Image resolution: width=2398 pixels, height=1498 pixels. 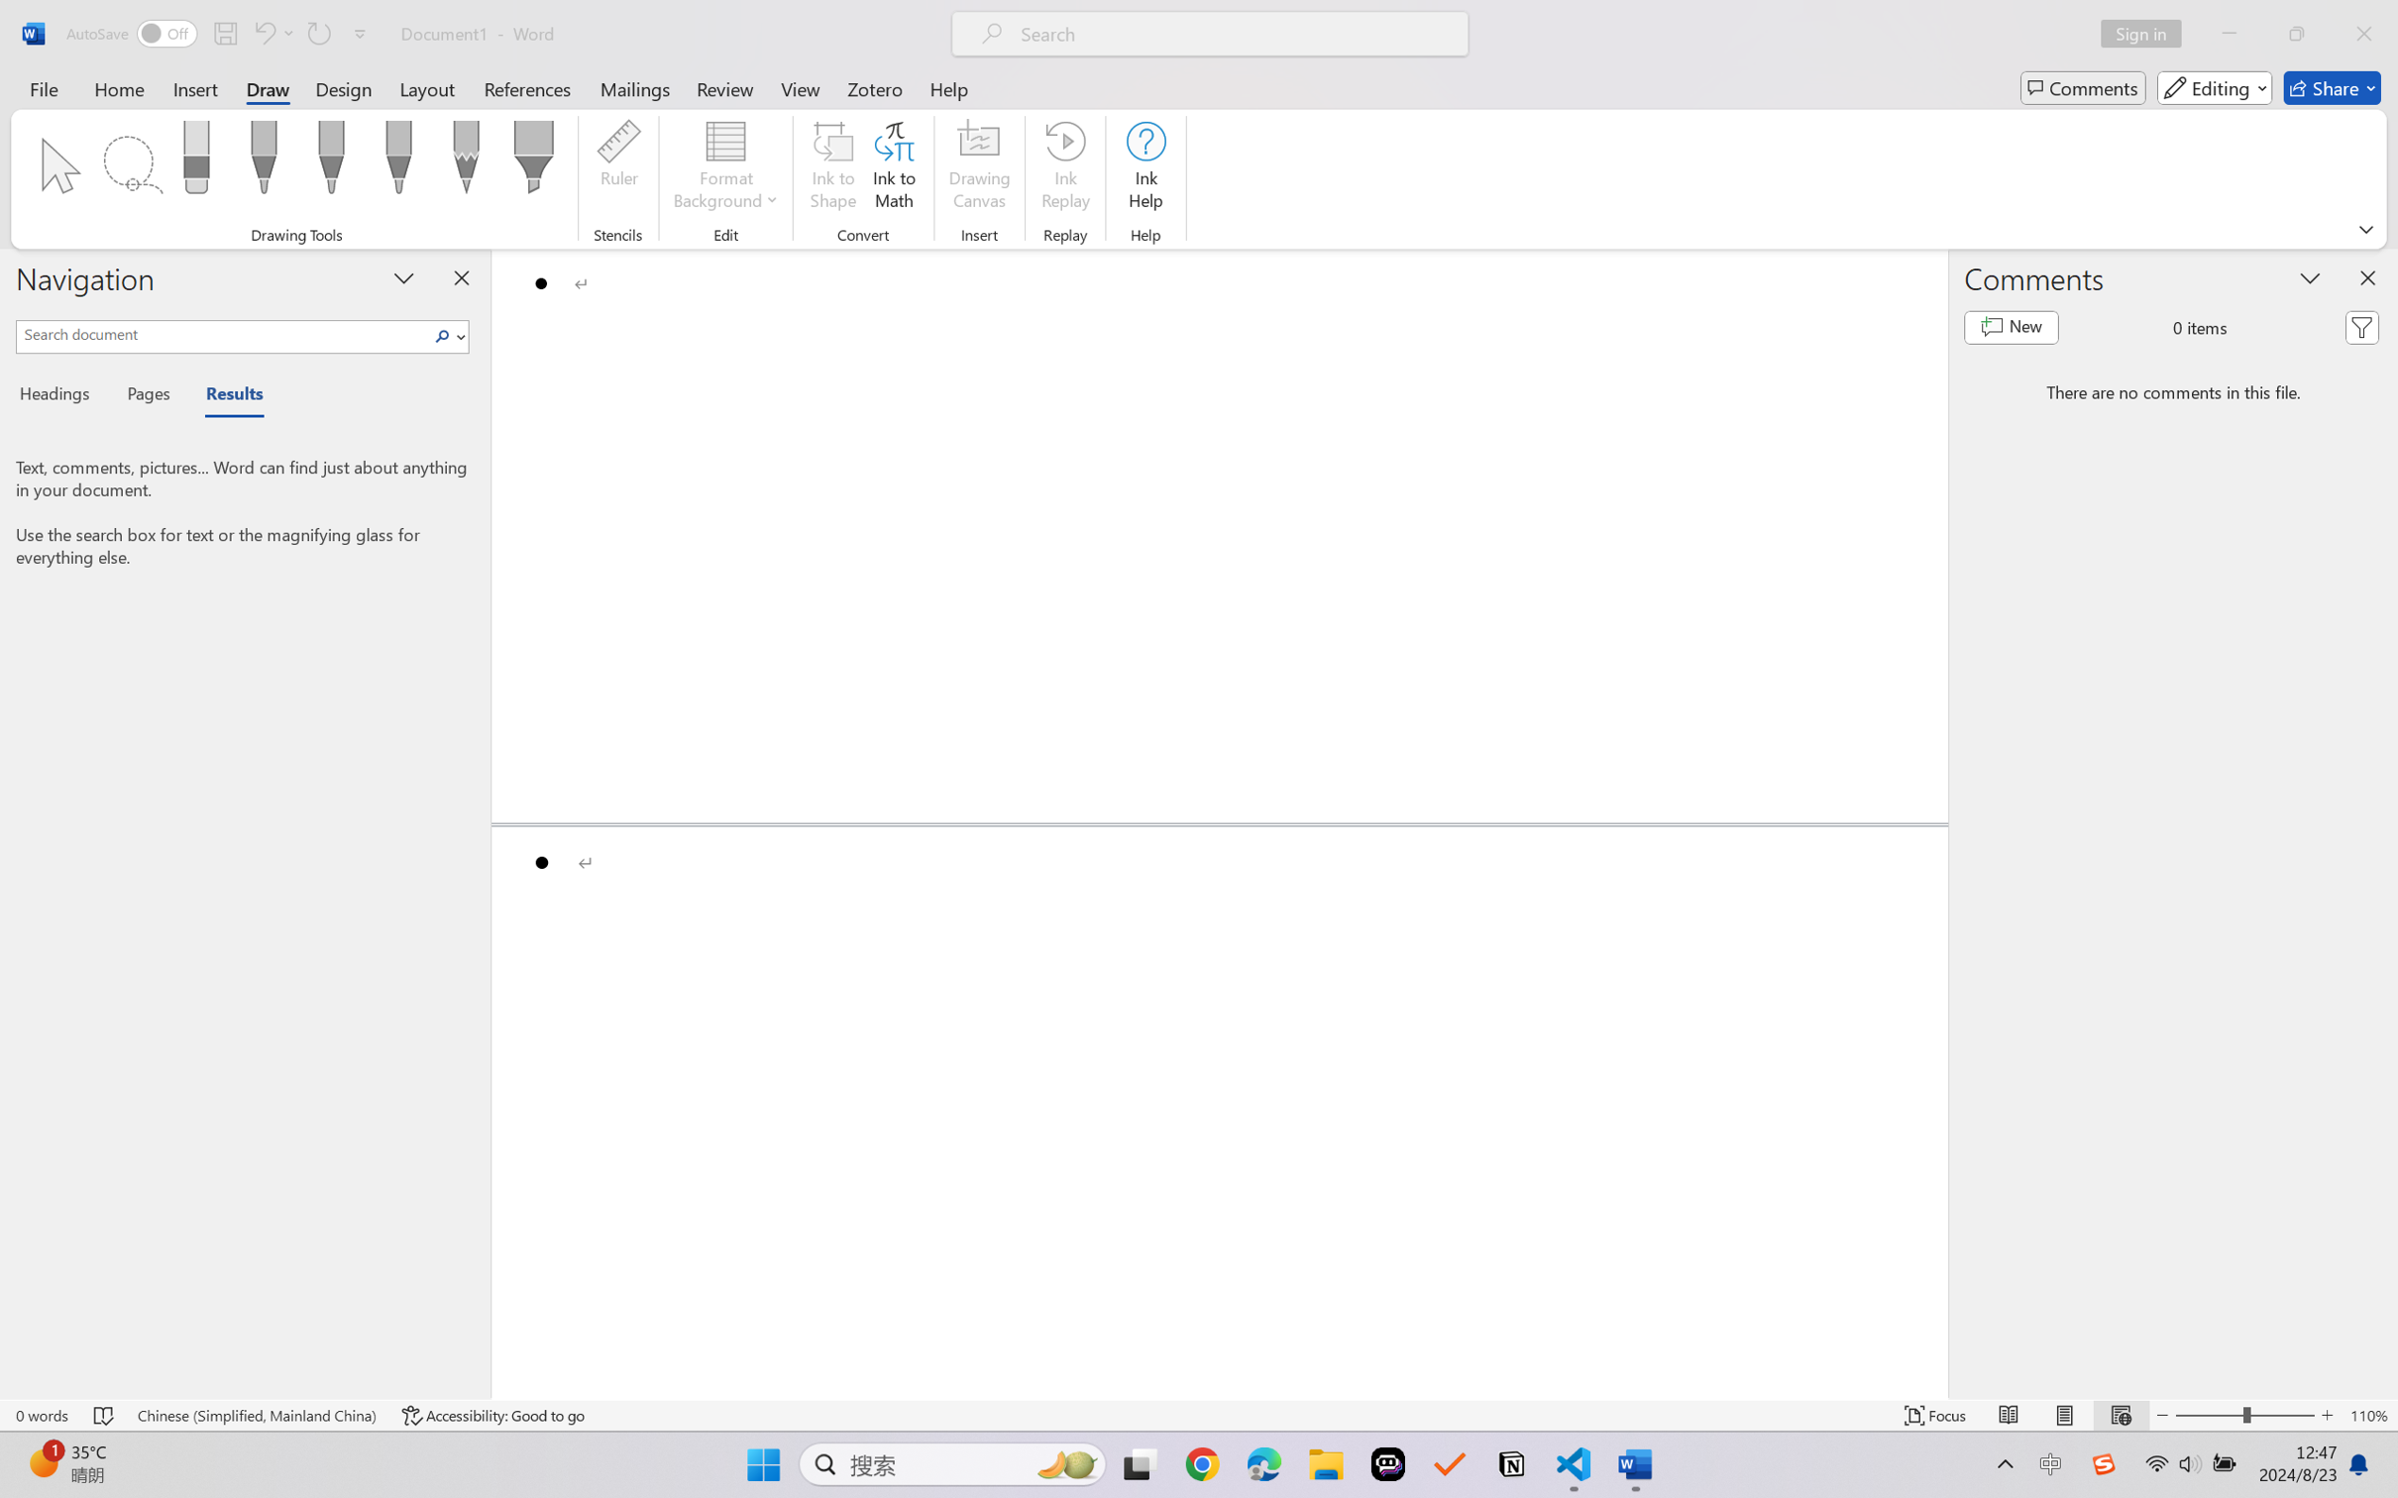 I want to click on 'Filter', so click(x=2361, y=328).